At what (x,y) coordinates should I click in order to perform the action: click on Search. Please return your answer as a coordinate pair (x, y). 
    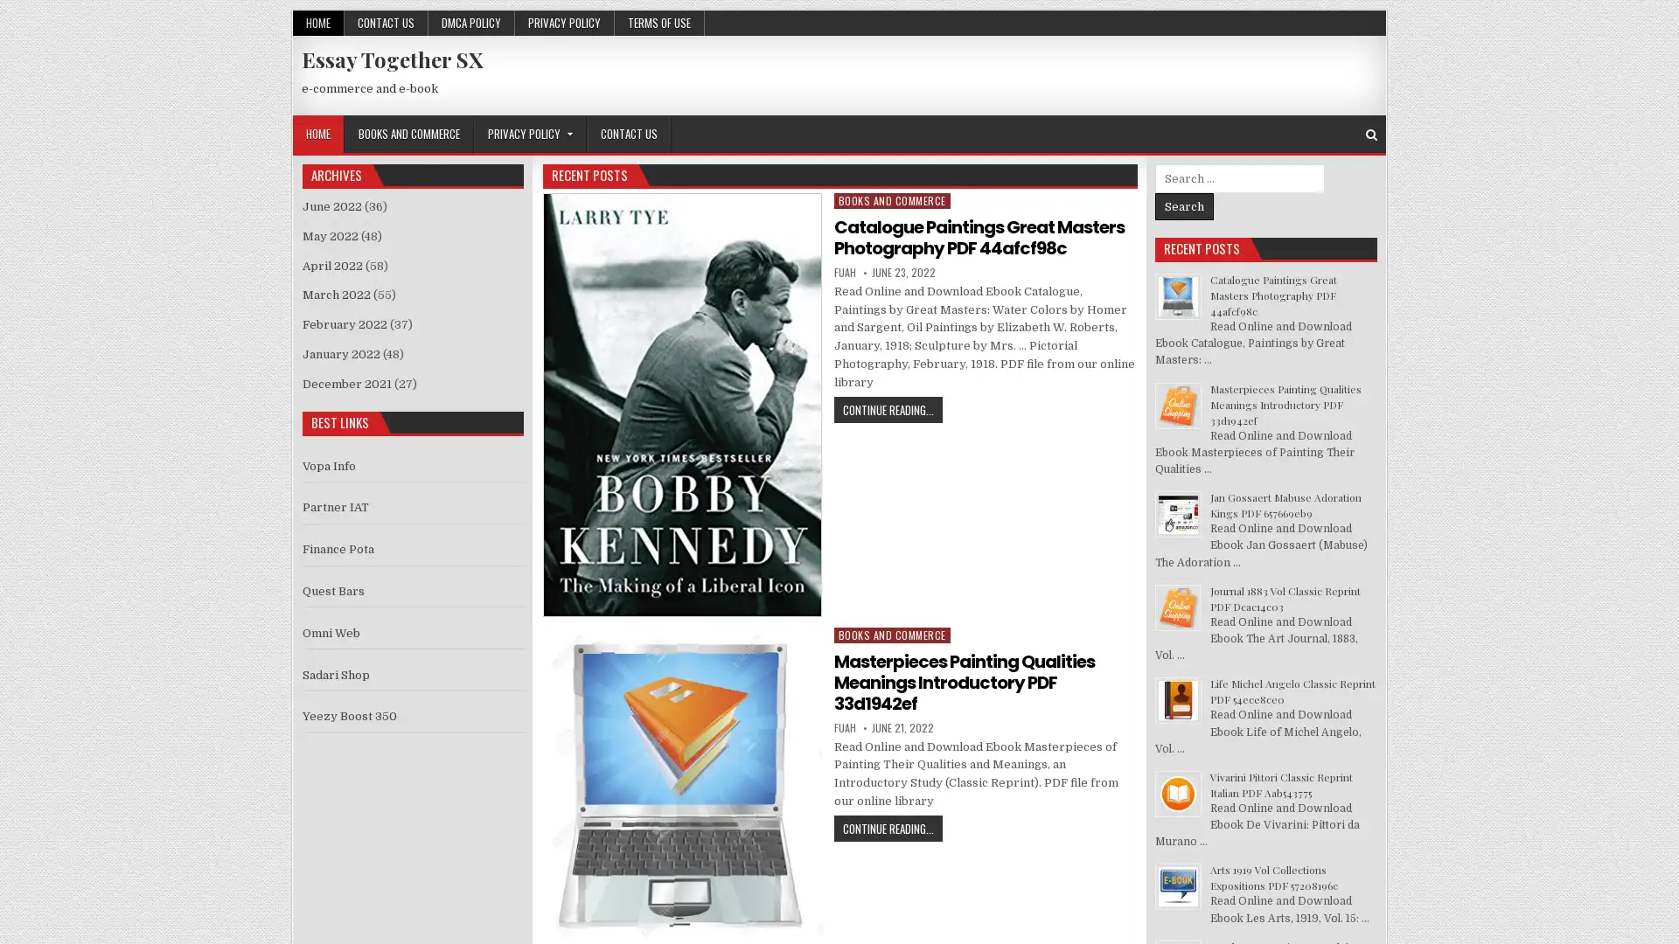
    Looking at the image, I should click on (1184, 205).